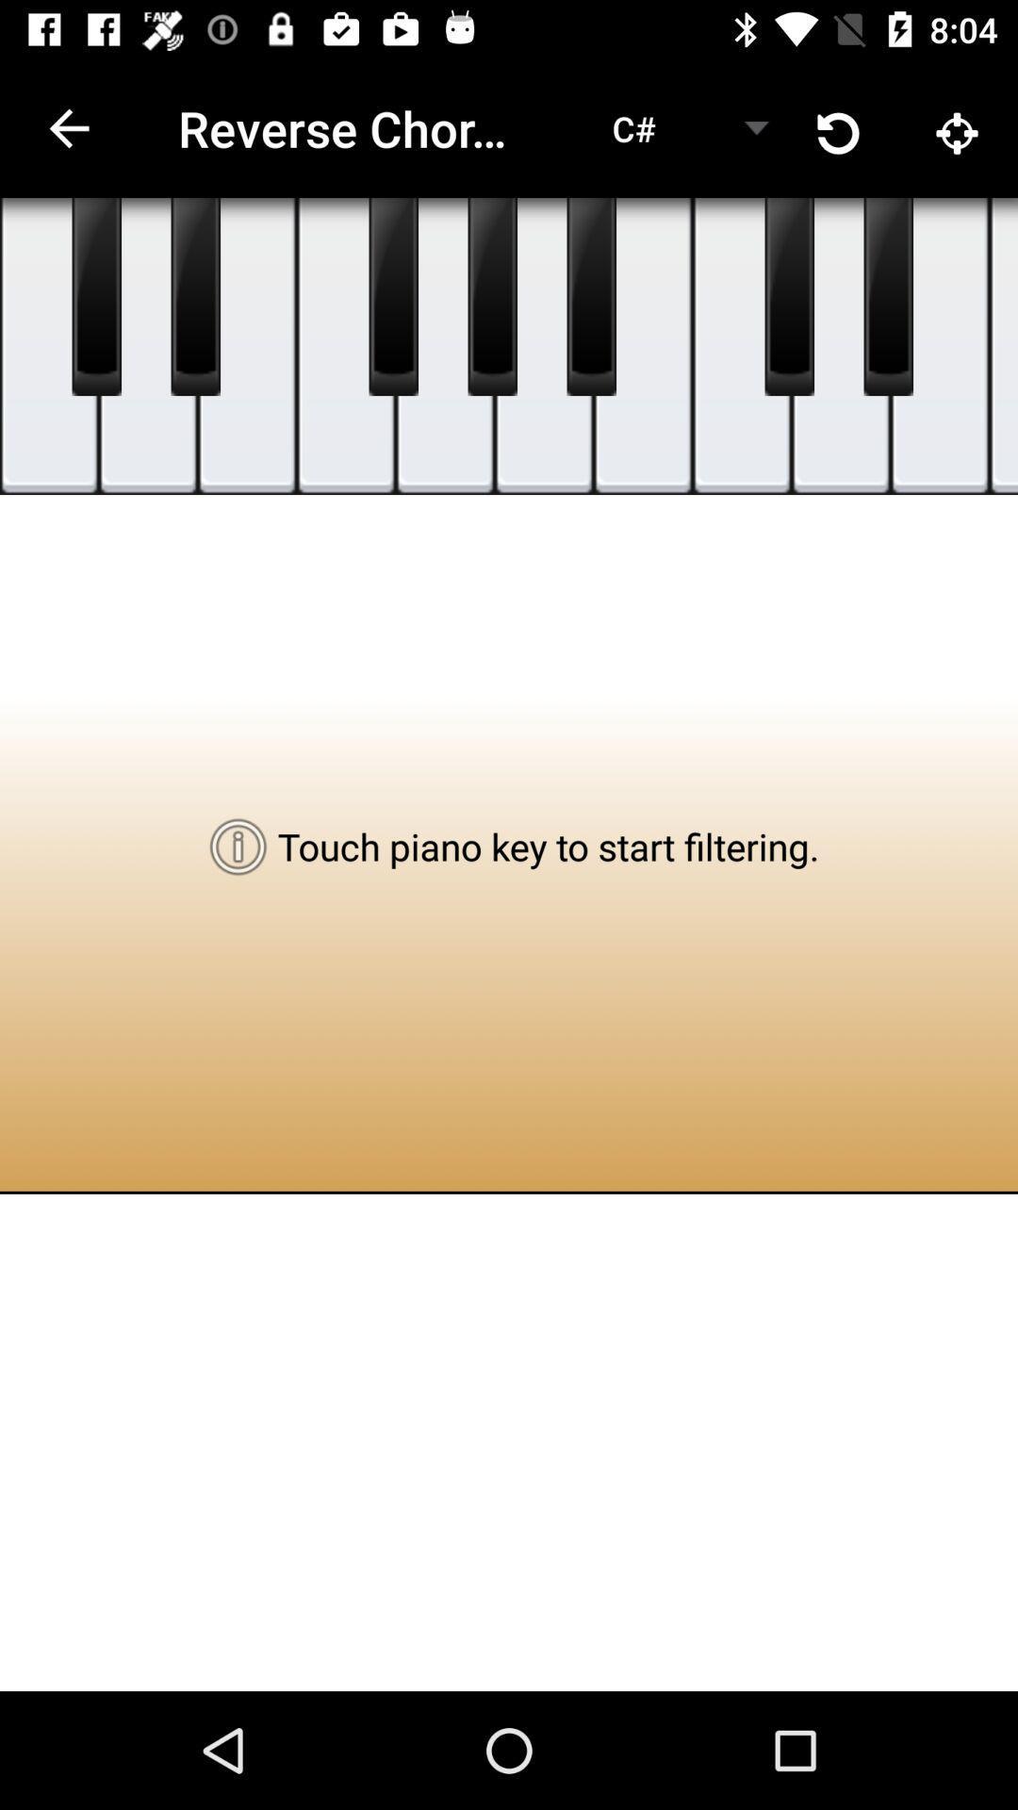 Image resolution: width=1018 pixels, height=1810 pixels. Describe the element at coordinates (888, 296) in the screenshot. I see `eb piano key` at that location.